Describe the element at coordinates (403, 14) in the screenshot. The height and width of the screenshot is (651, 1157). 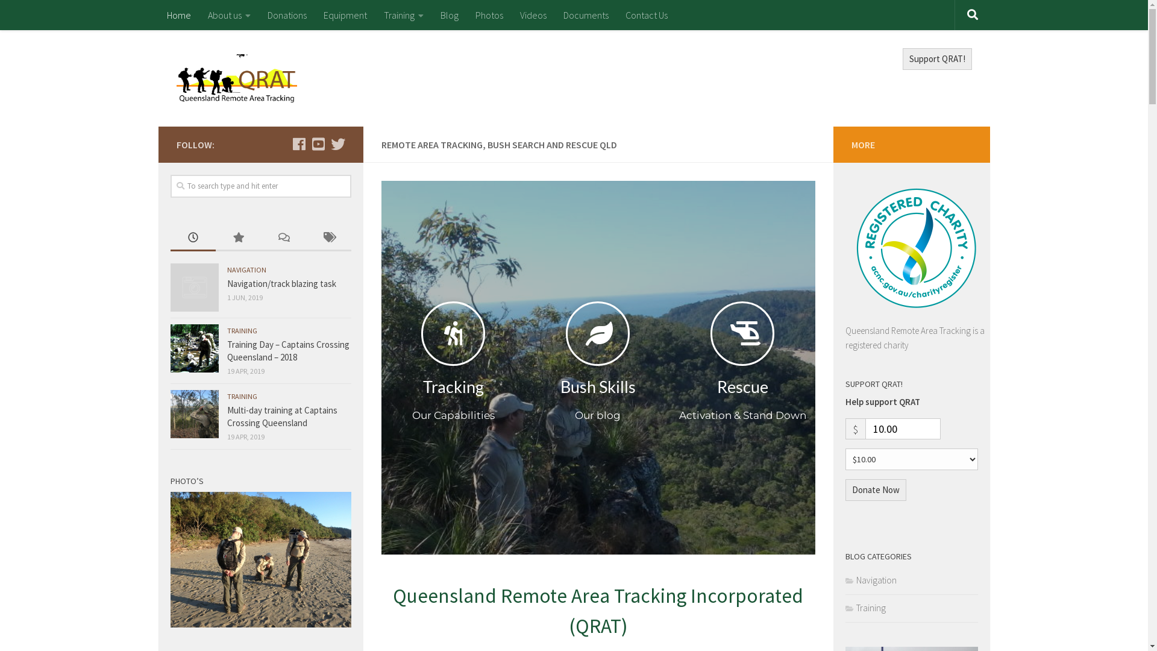
I see `'Training'` at that location.